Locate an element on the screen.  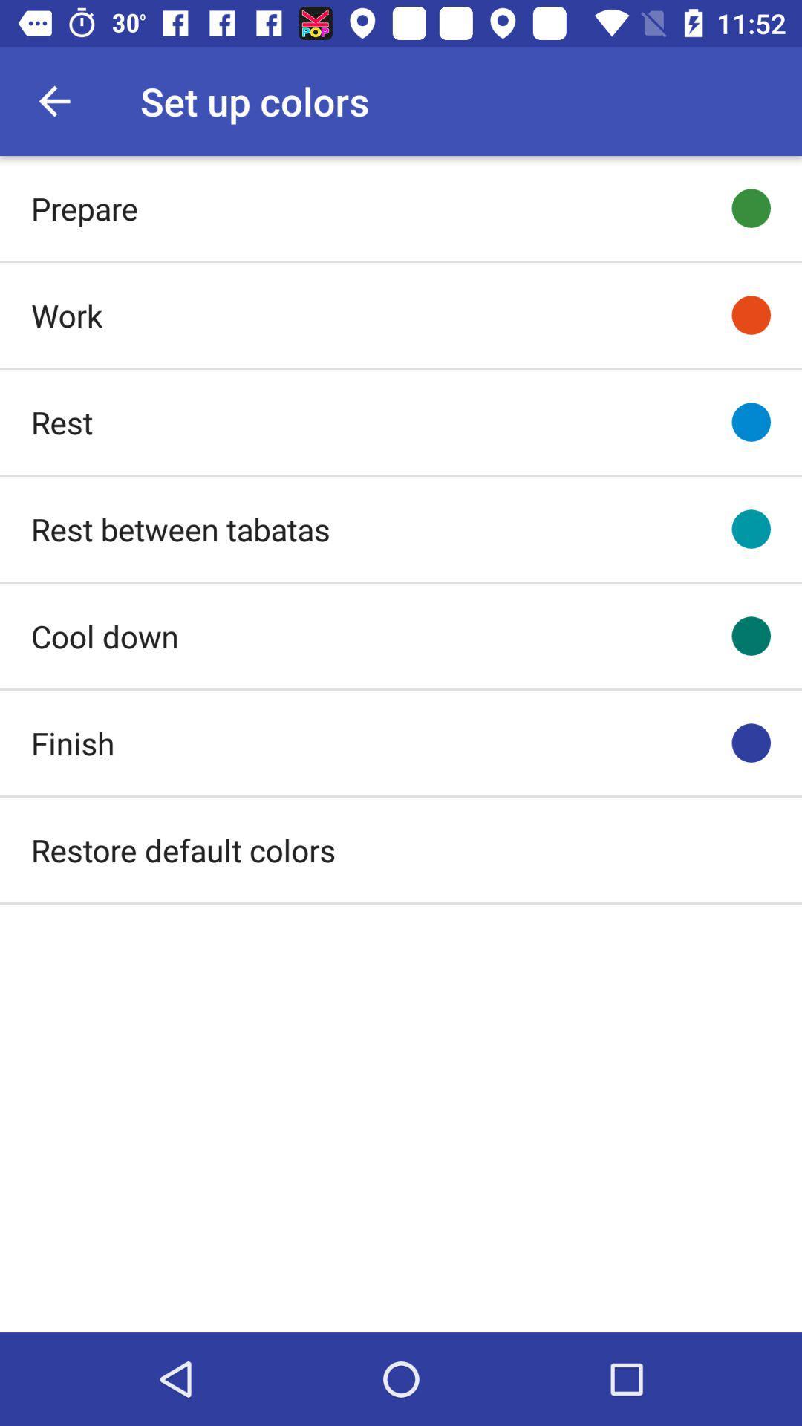
the finish icon is located at coordinates (73, 743).